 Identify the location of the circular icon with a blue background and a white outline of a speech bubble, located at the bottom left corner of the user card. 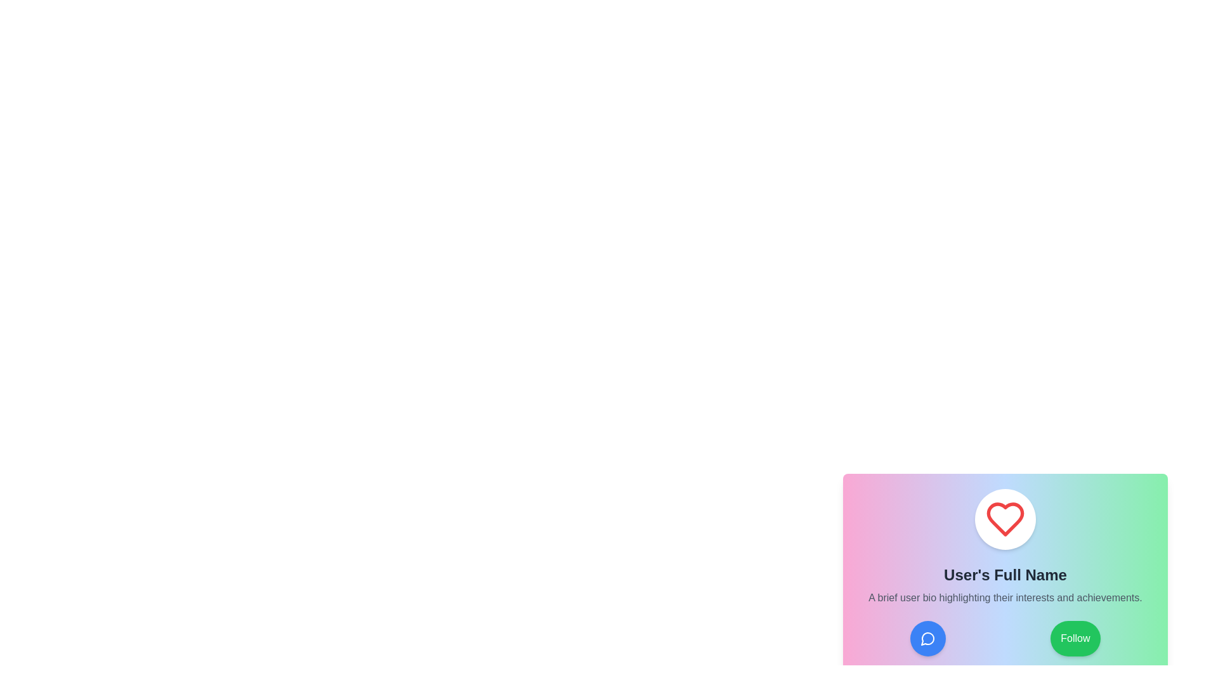
(928, 638).